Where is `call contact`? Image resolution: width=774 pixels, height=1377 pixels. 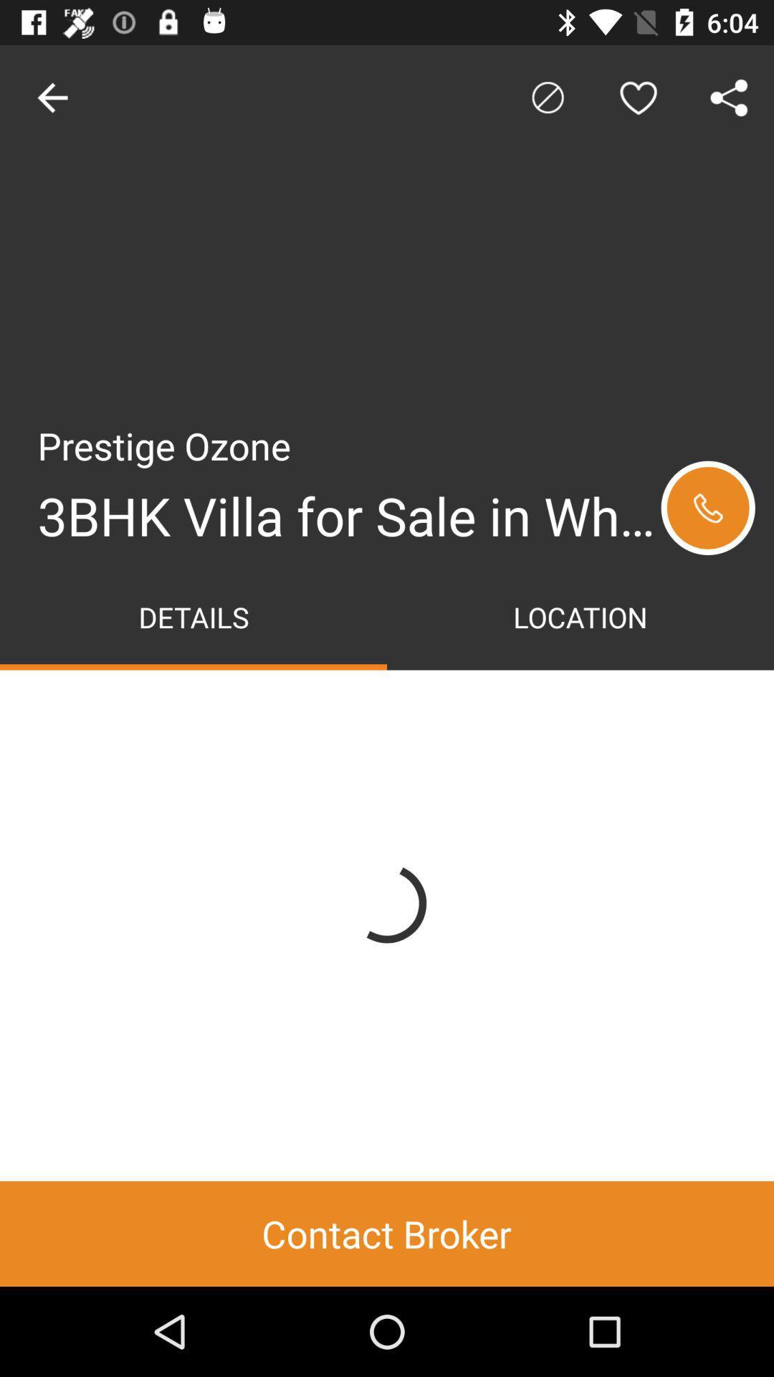
call contact is located at coordinates (707, 508).